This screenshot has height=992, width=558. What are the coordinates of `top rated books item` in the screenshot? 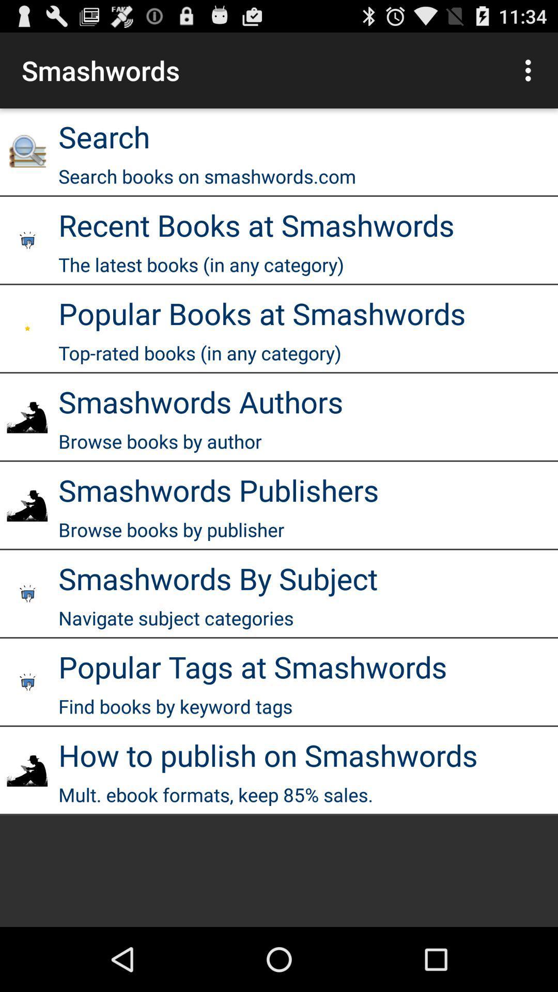 It's located at (199, 353).